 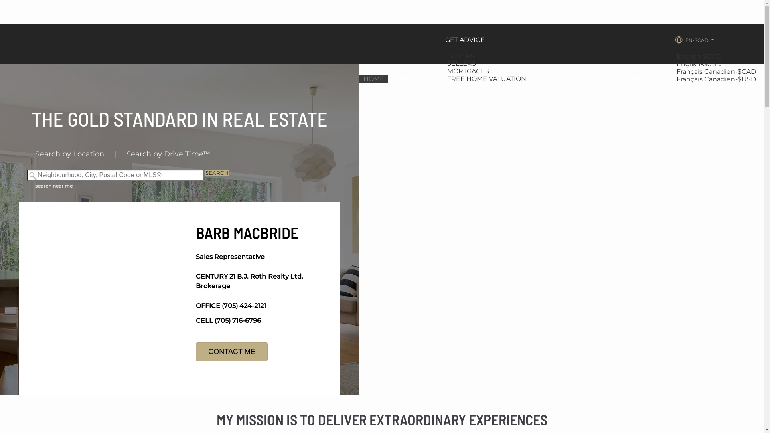 What do you see at coordinates (699, 56) in the screenshot?
I see `'English-$CAD'` at bounding box center [699, 56].